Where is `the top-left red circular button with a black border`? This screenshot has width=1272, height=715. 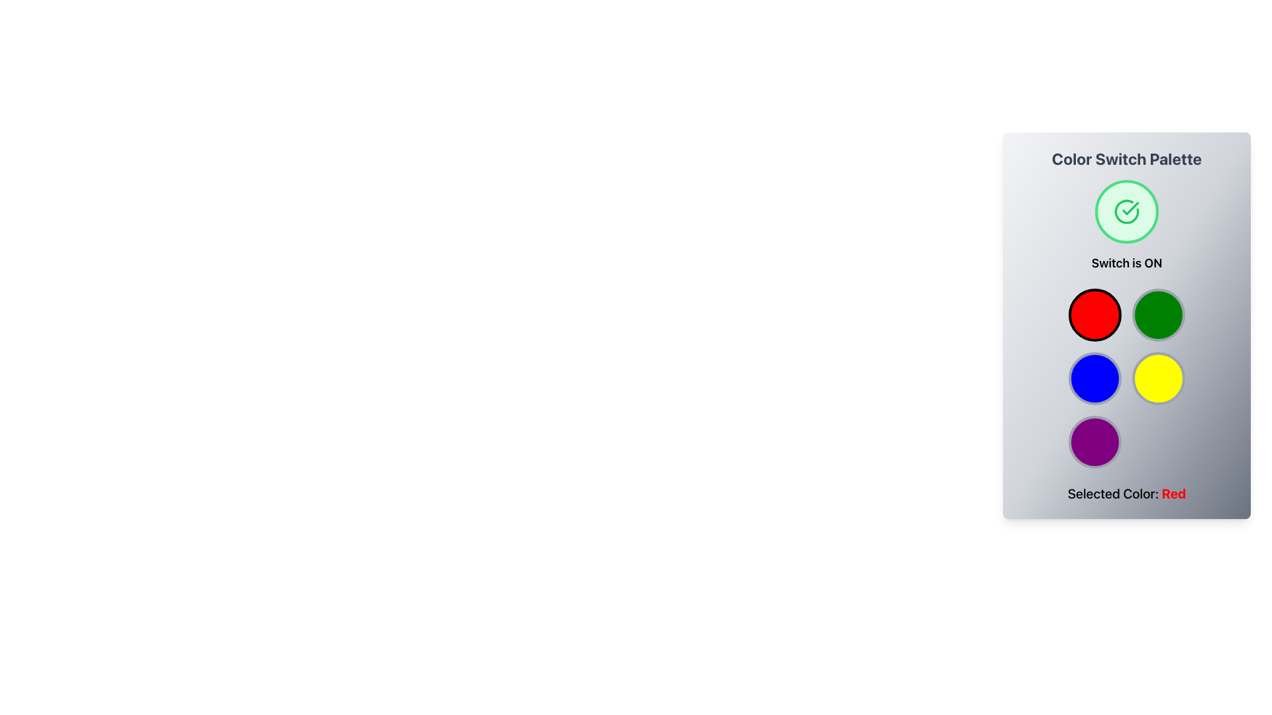
the top-left red circular button with a black border is located at coordinates (1094, 314).